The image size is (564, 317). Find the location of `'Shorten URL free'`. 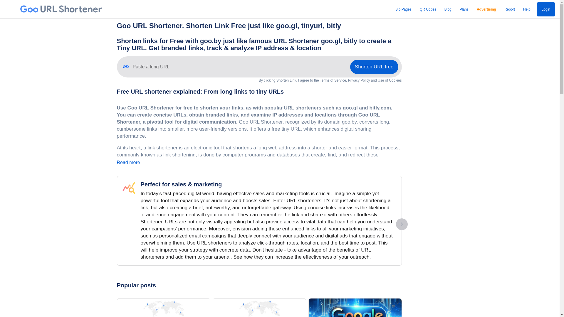

'Shorten URL free' is located at coordinates (374, 66).